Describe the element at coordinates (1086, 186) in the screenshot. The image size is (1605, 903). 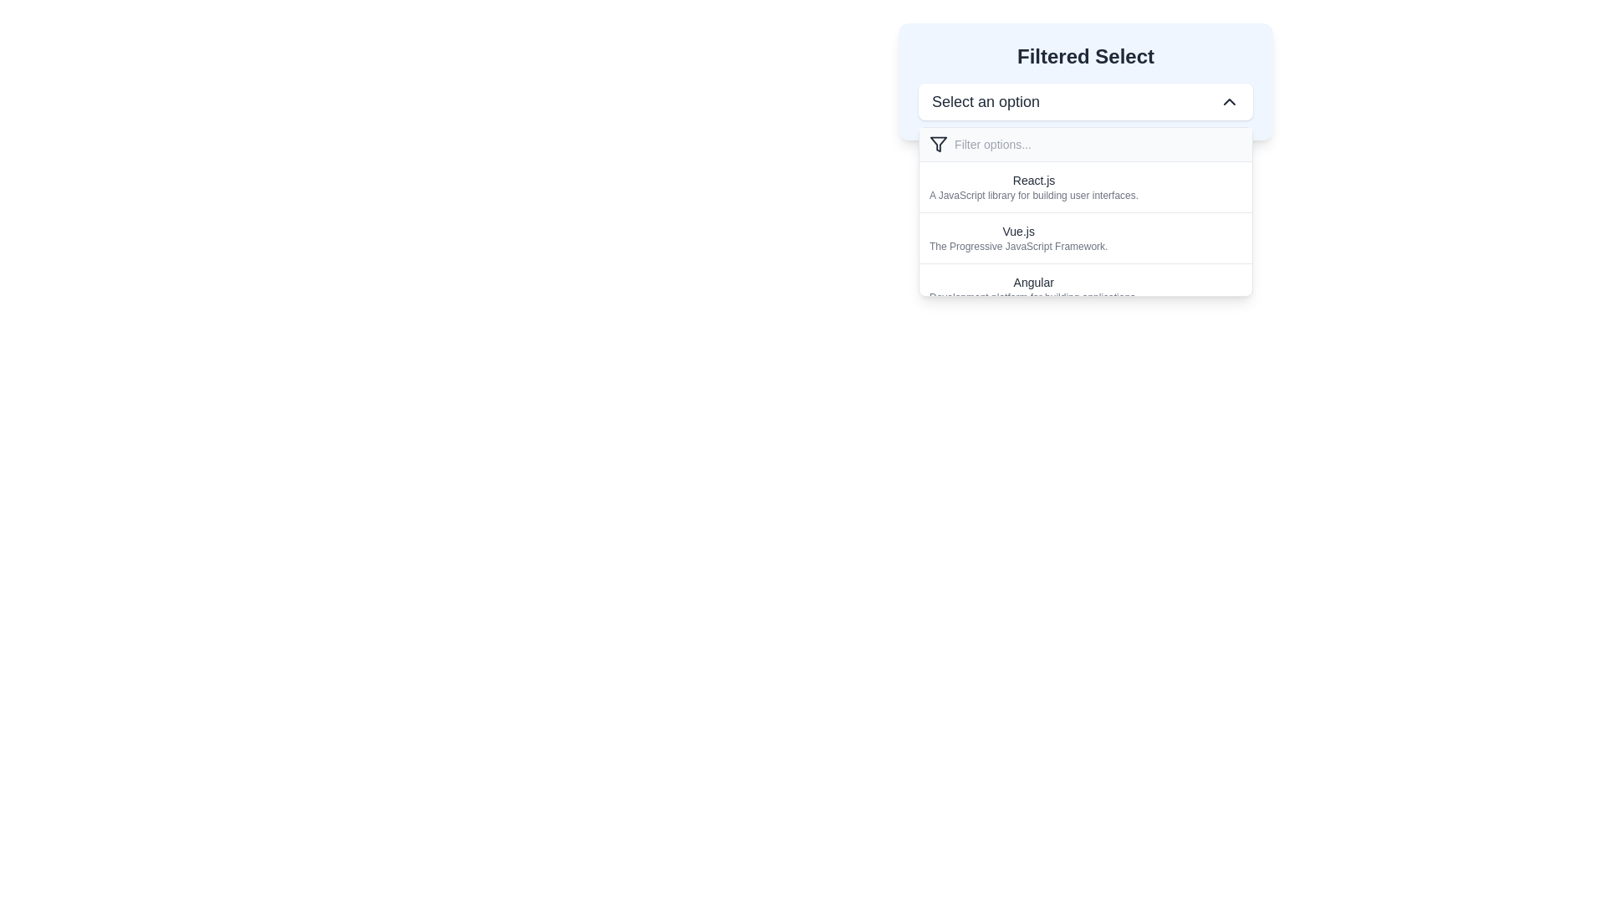
I see `the first item in the dropdown menu that provides information about 'React.js'` at that location.